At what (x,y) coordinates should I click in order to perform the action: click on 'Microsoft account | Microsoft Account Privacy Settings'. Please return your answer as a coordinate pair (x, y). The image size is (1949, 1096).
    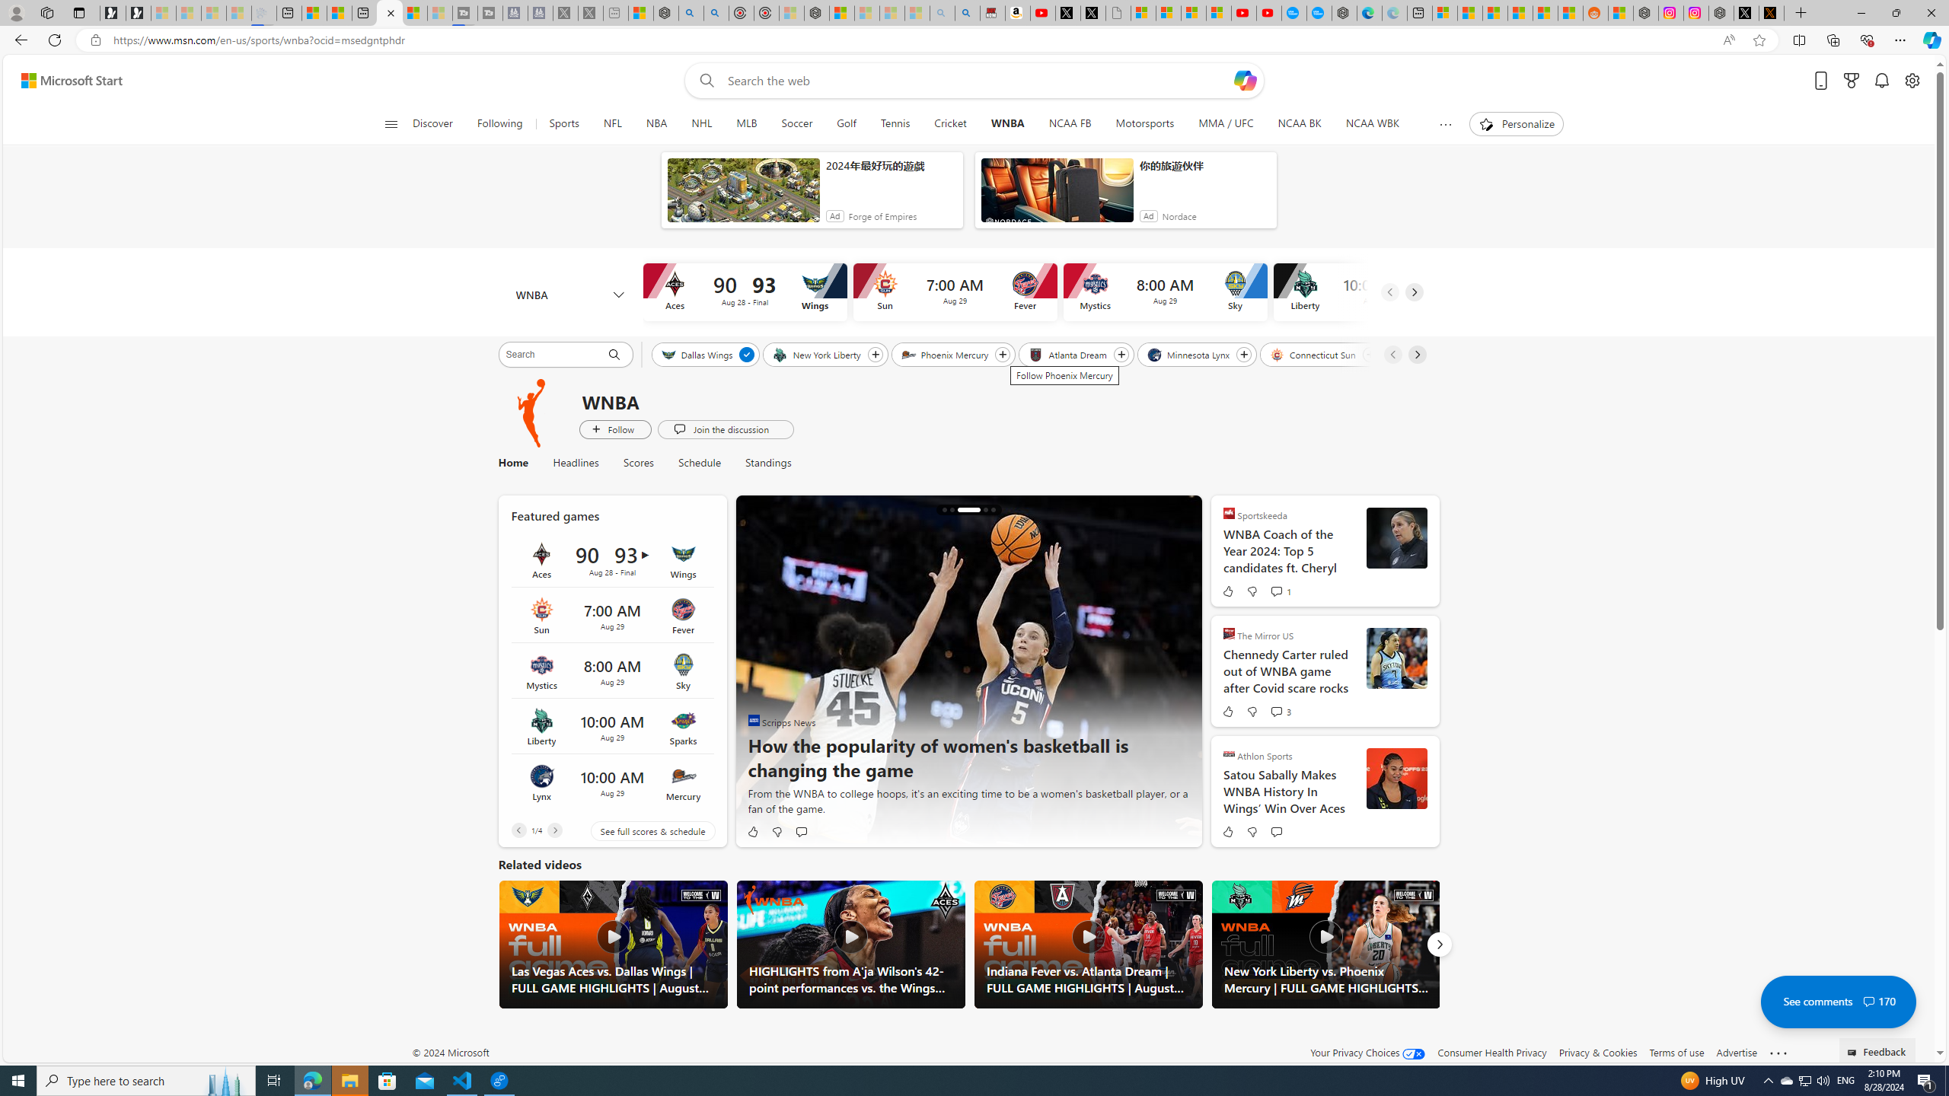
    Looking at the image, I should click on (1444, 12).